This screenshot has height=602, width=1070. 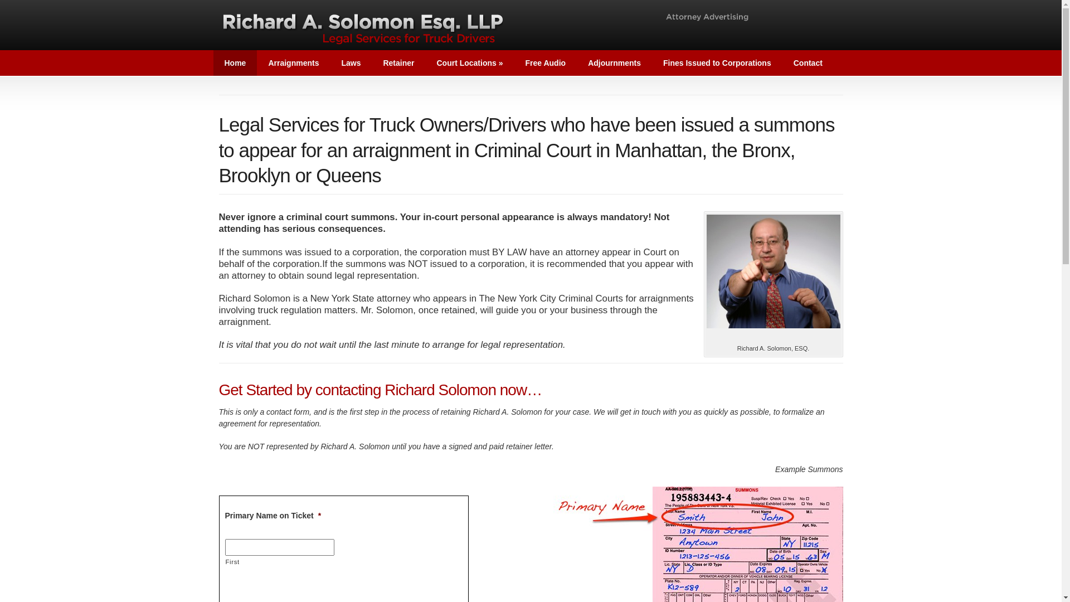 I want to click on 'Richard A. Solomon ESQ. LLP', so click(x=218, y=25).